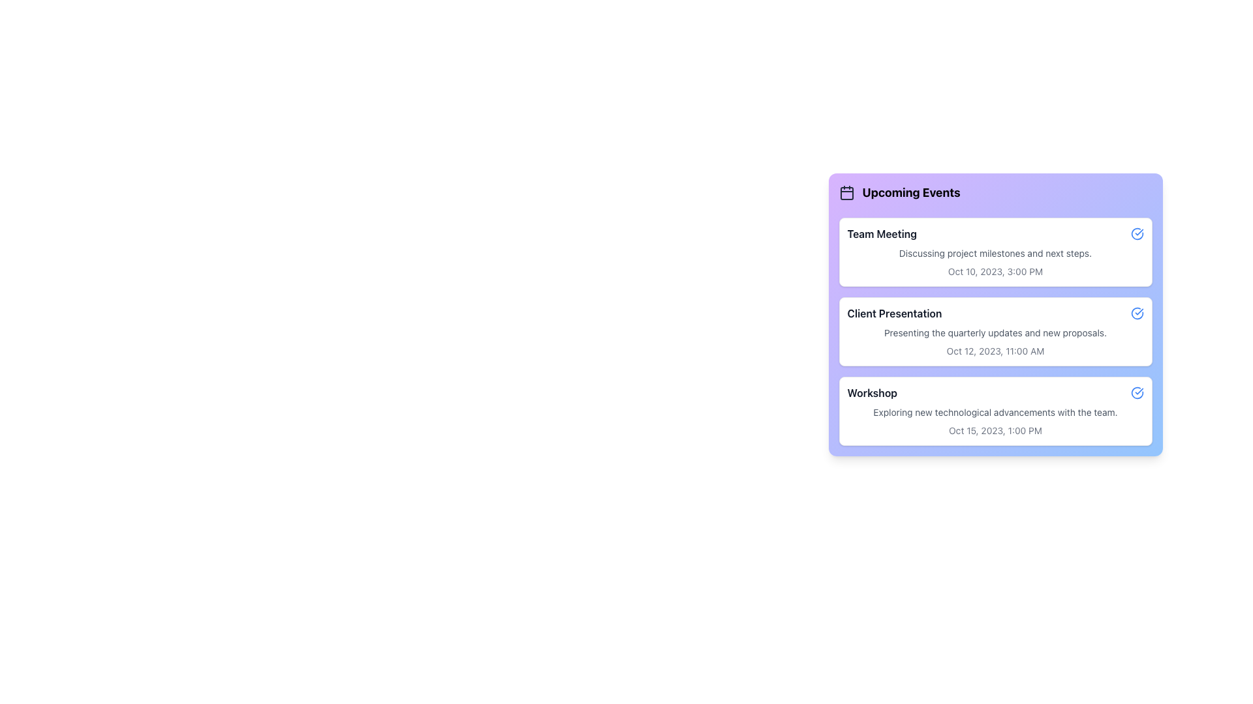 The height and width of the screenshot is (704, 1253). Describe the element at coordinates (995, 254) in the screenshot. I see `the descriptive text element that summarizes the 'Team Meeting' event, which is centrally aligned below the title and above the date and time text` at that location.